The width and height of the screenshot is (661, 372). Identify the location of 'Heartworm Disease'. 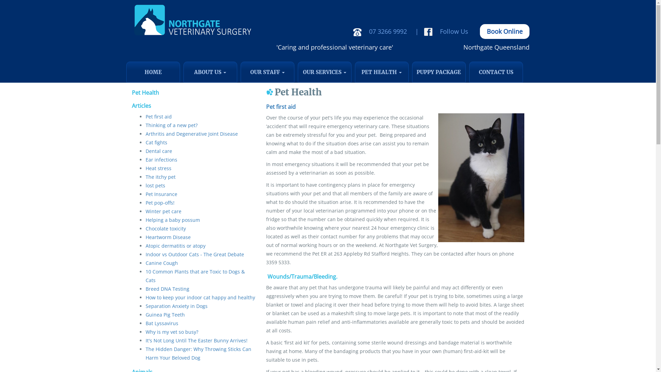
(168, 237).